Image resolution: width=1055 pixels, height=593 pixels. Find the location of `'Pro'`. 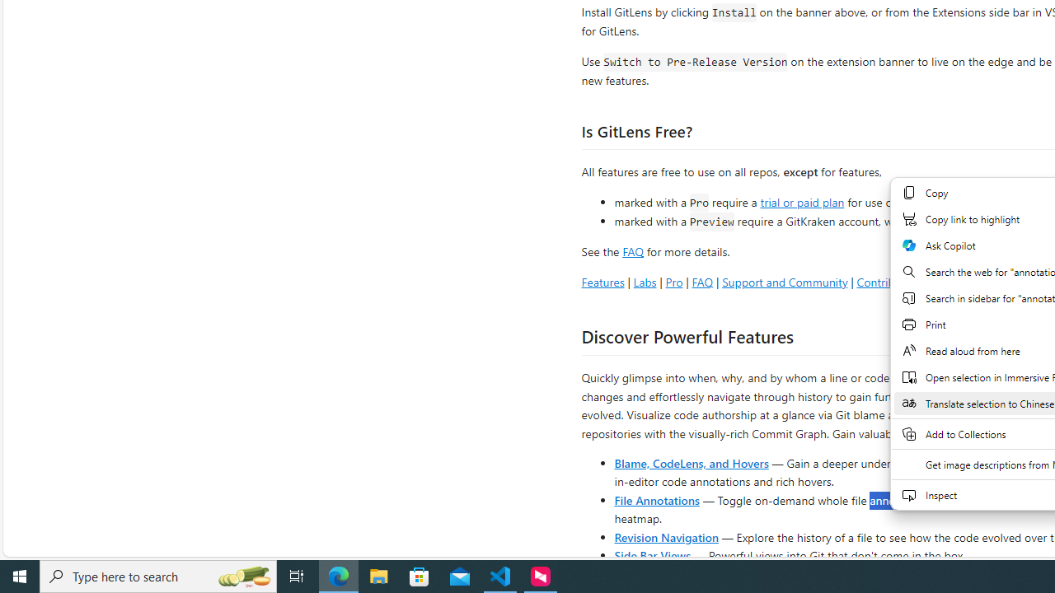

'Pro' is located at coordinates (673, 281).